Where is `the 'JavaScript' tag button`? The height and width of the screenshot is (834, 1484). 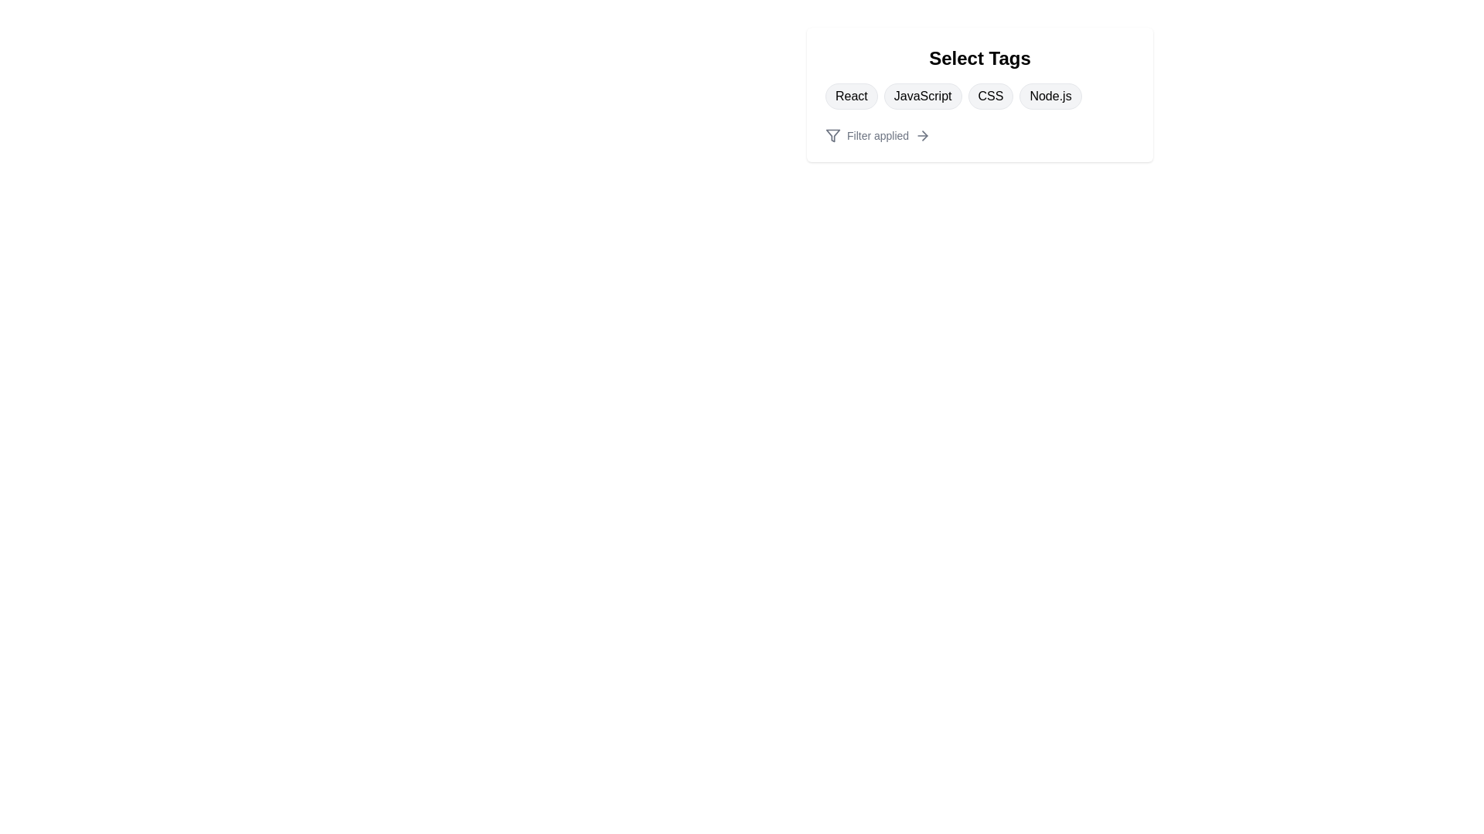 the 'JavaScript' tag button is located at coordinates (923, 96).